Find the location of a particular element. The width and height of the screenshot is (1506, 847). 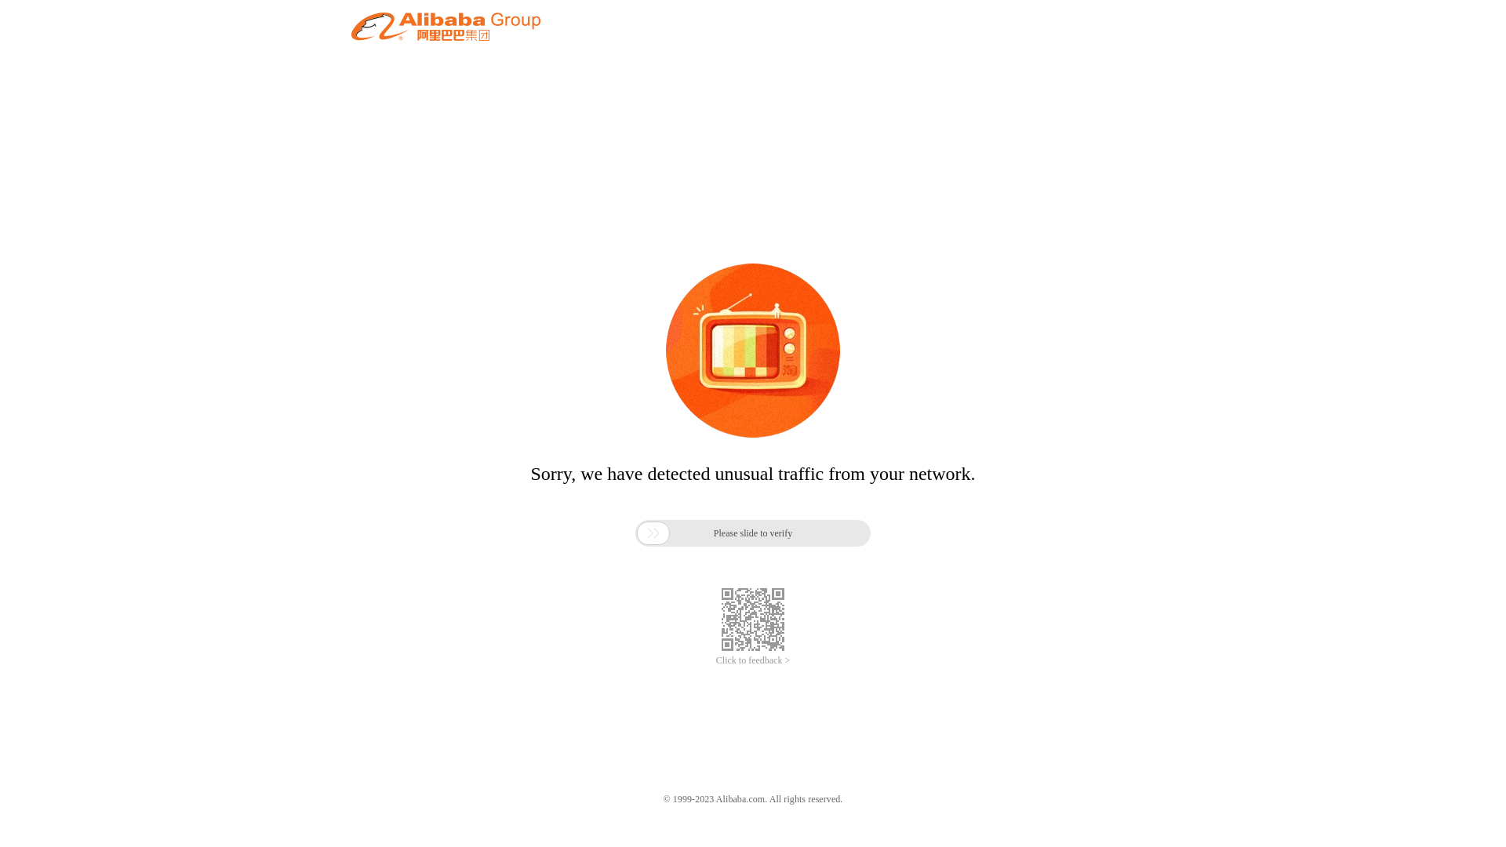

'Click to feedback >' is located at coordinates (715, 660).